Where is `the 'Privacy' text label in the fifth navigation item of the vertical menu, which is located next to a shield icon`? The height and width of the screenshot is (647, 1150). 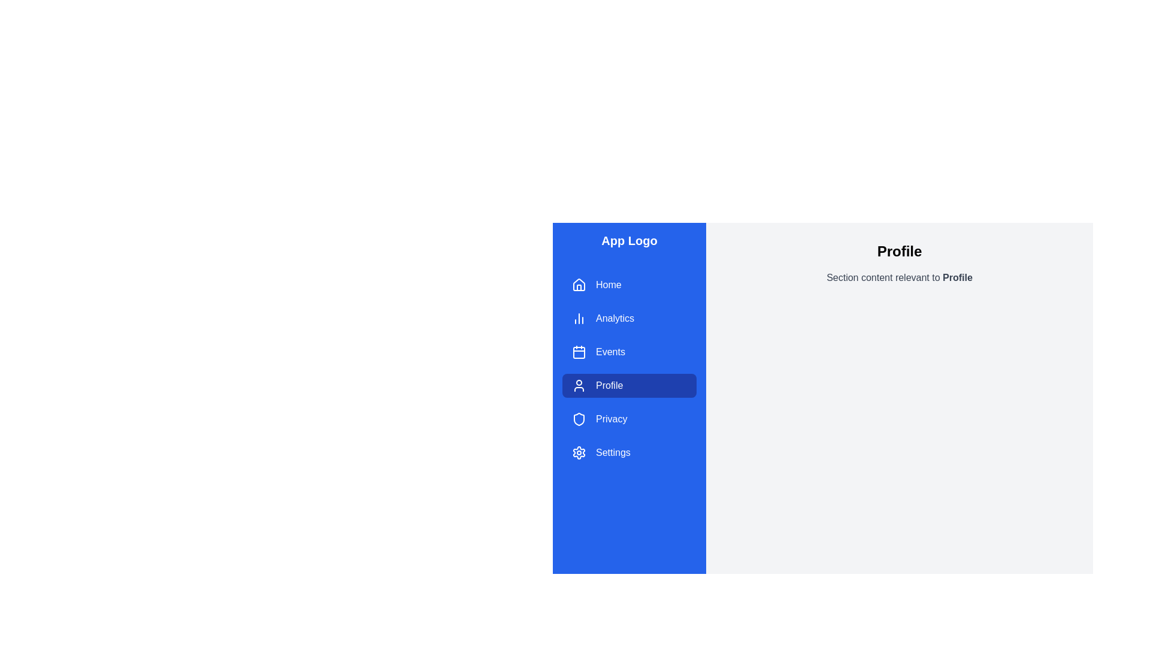 the 'Privacy' text label in the fifth navigation item of the vertical menu, which is located next to a shield icon is located at coordinates (612, 418).